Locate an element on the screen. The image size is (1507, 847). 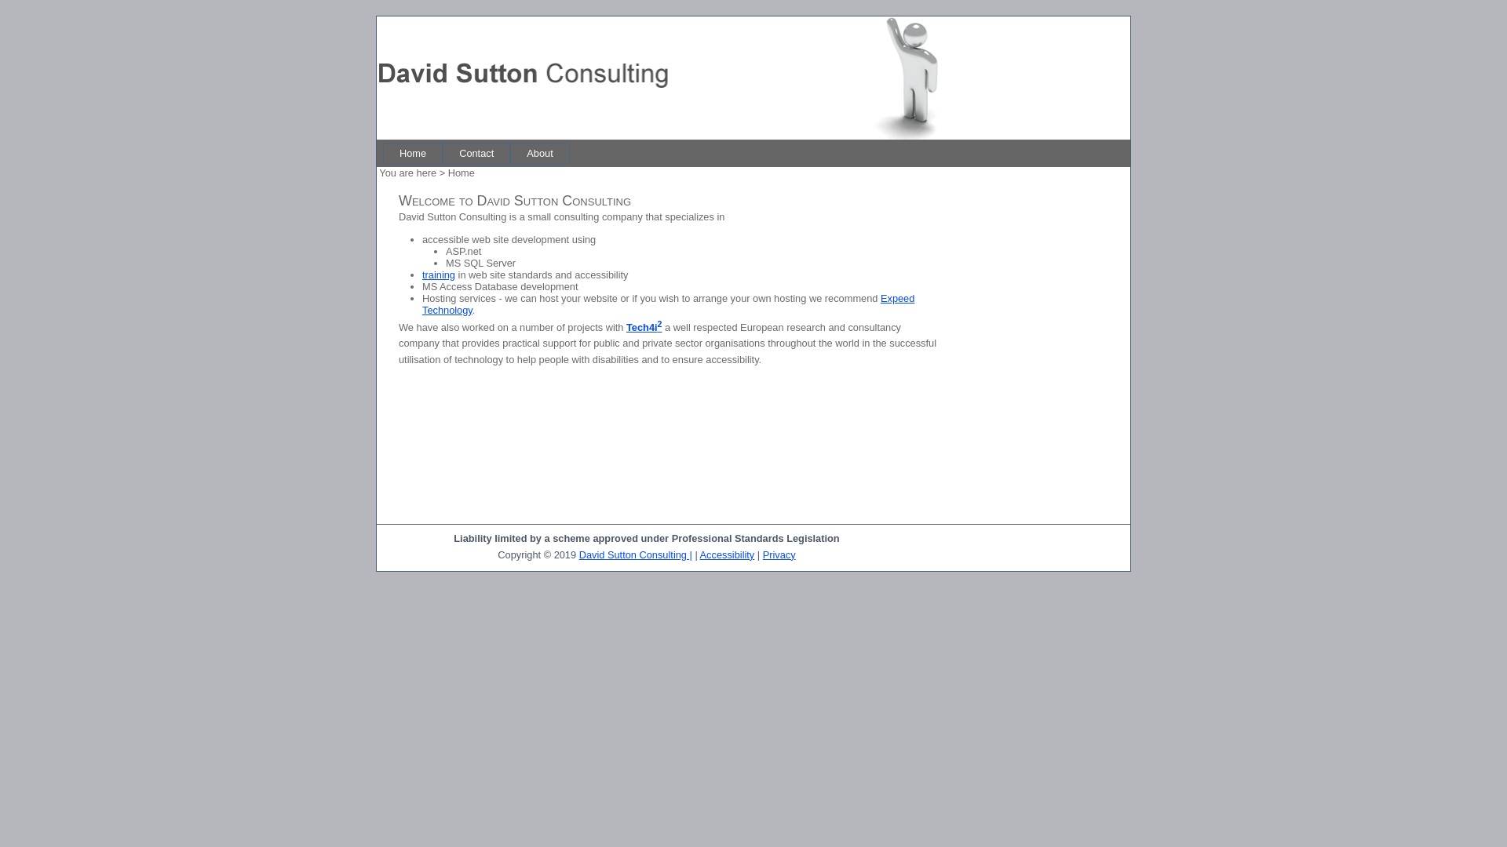
'About' is located at coordinates (539, 153).